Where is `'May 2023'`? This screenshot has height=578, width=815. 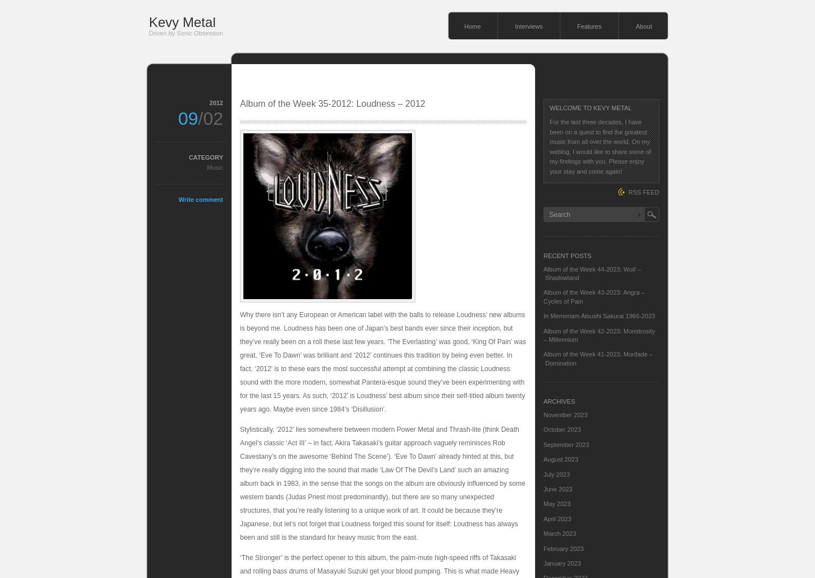 'May 2023' is located at coordinates (556, 503).